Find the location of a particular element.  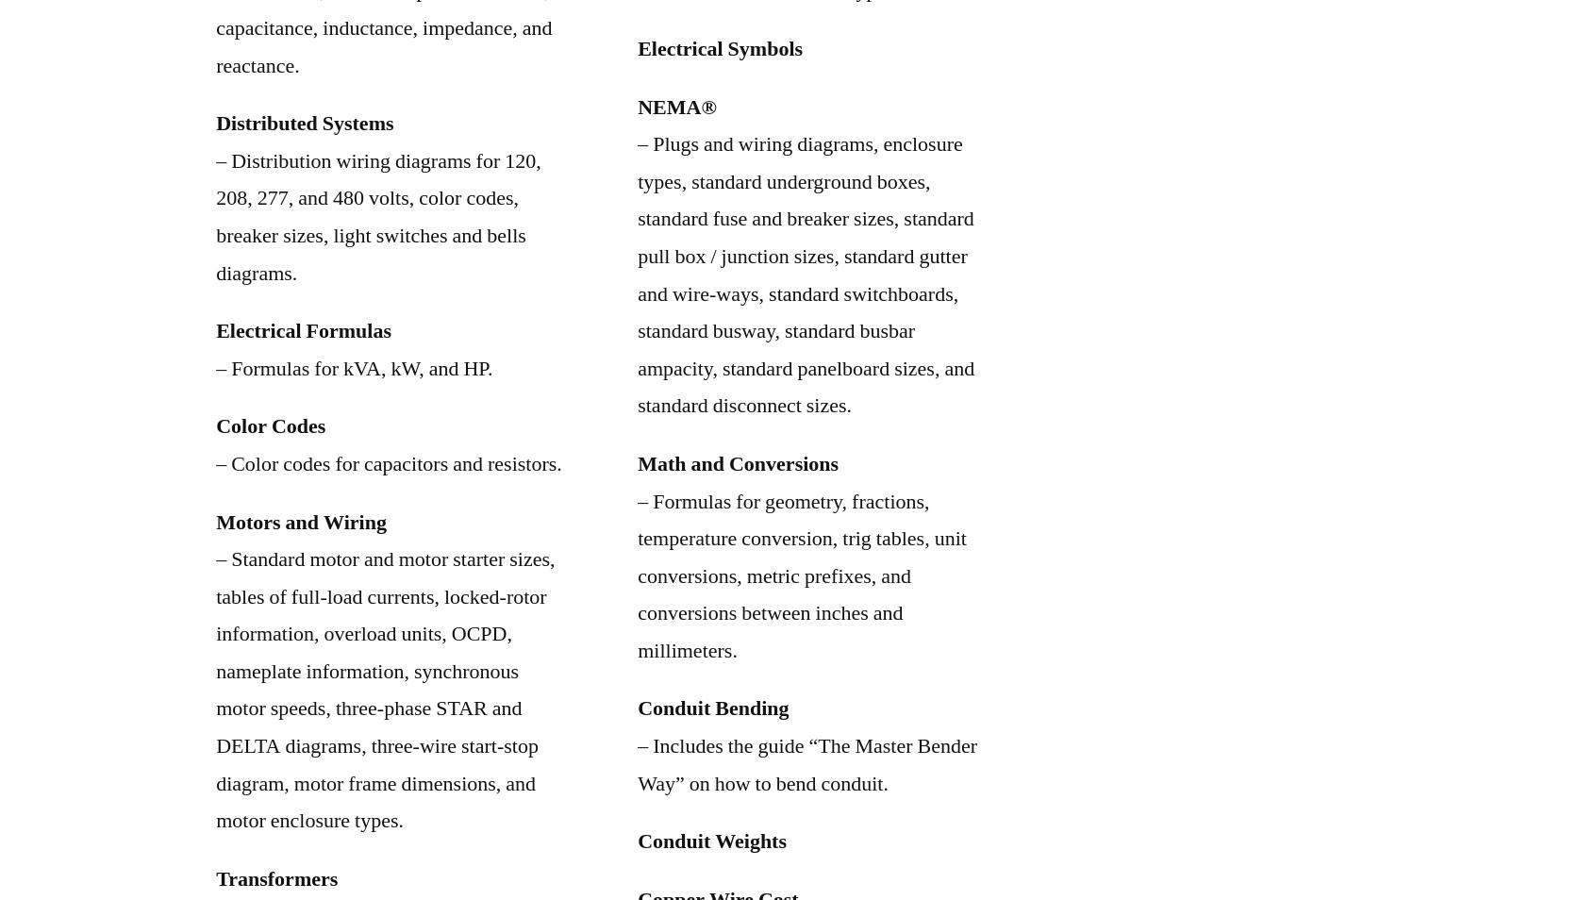

'Math and Conversions' is located at coordinates (738, 462).